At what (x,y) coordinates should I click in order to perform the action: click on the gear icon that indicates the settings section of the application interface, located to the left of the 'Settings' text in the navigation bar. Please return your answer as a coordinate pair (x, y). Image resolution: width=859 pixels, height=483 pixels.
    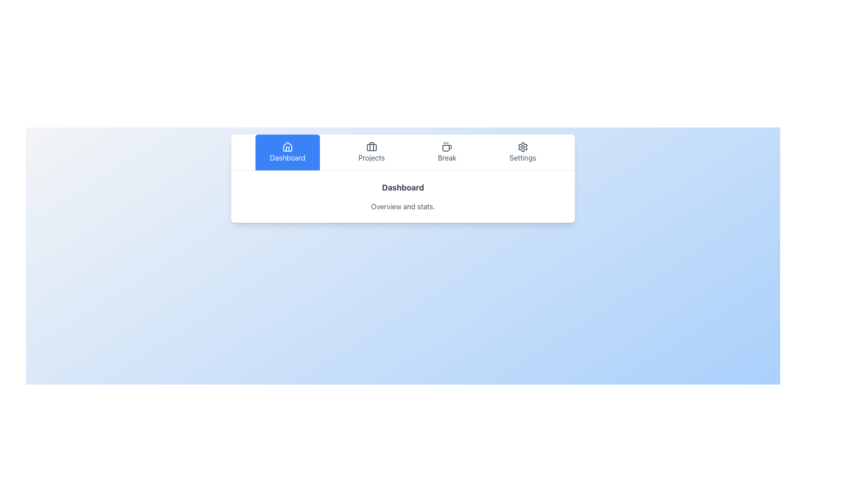
    Looking at the image, I should click on (523, 146).